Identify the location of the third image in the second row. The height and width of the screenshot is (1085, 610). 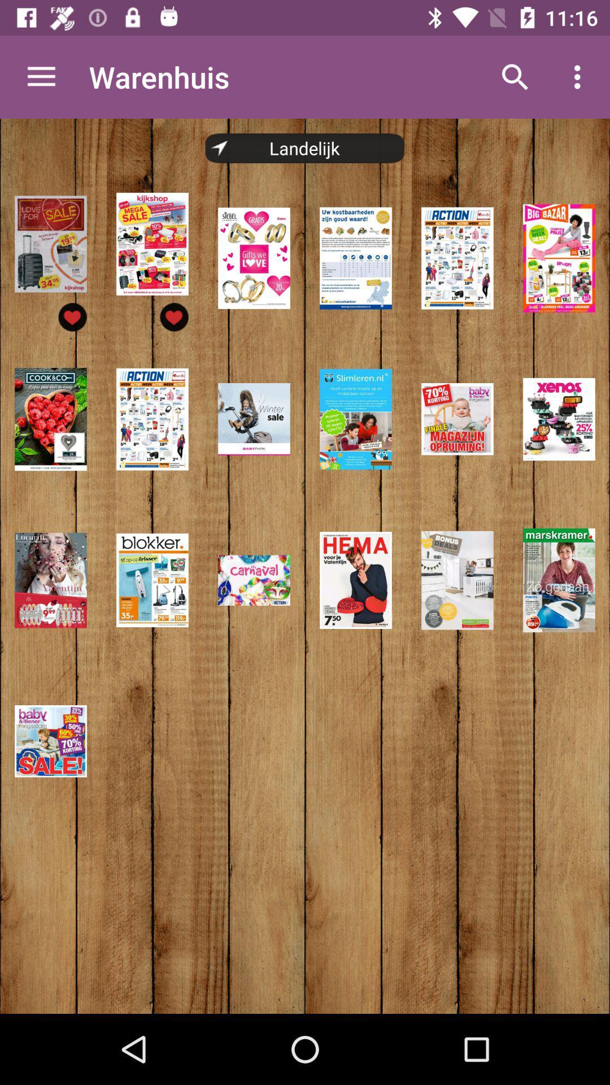
(254, 419).